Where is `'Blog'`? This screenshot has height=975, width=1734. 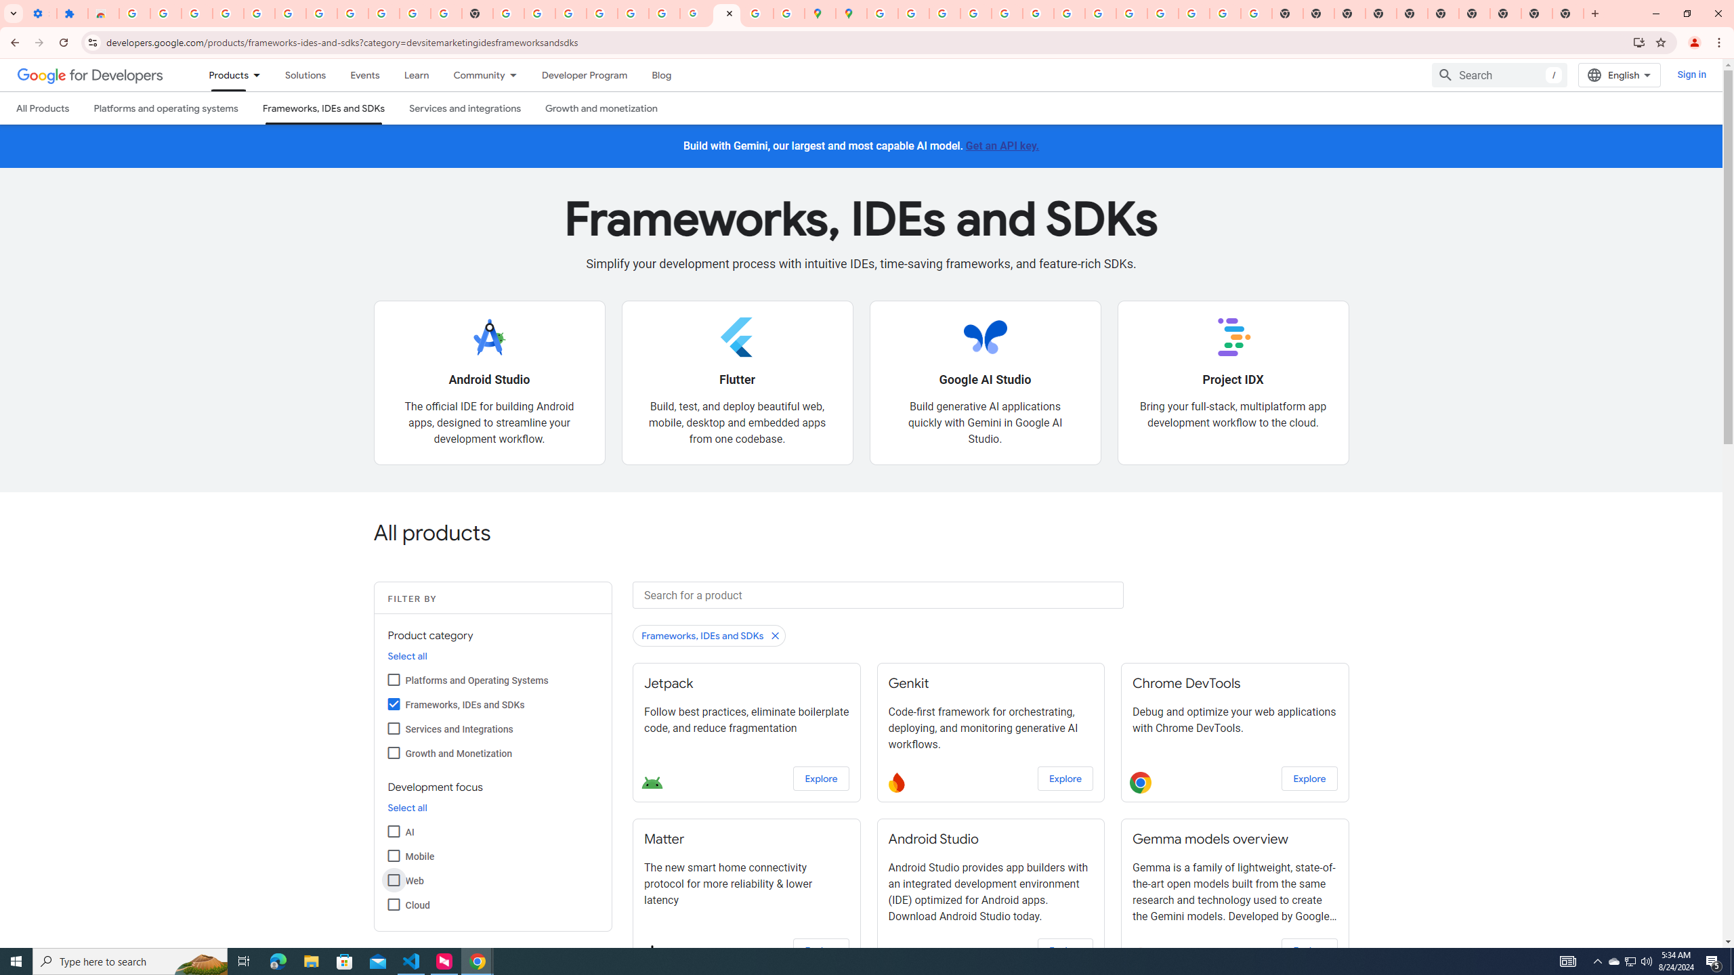 'Blog' is located at coordinates (662, 74).